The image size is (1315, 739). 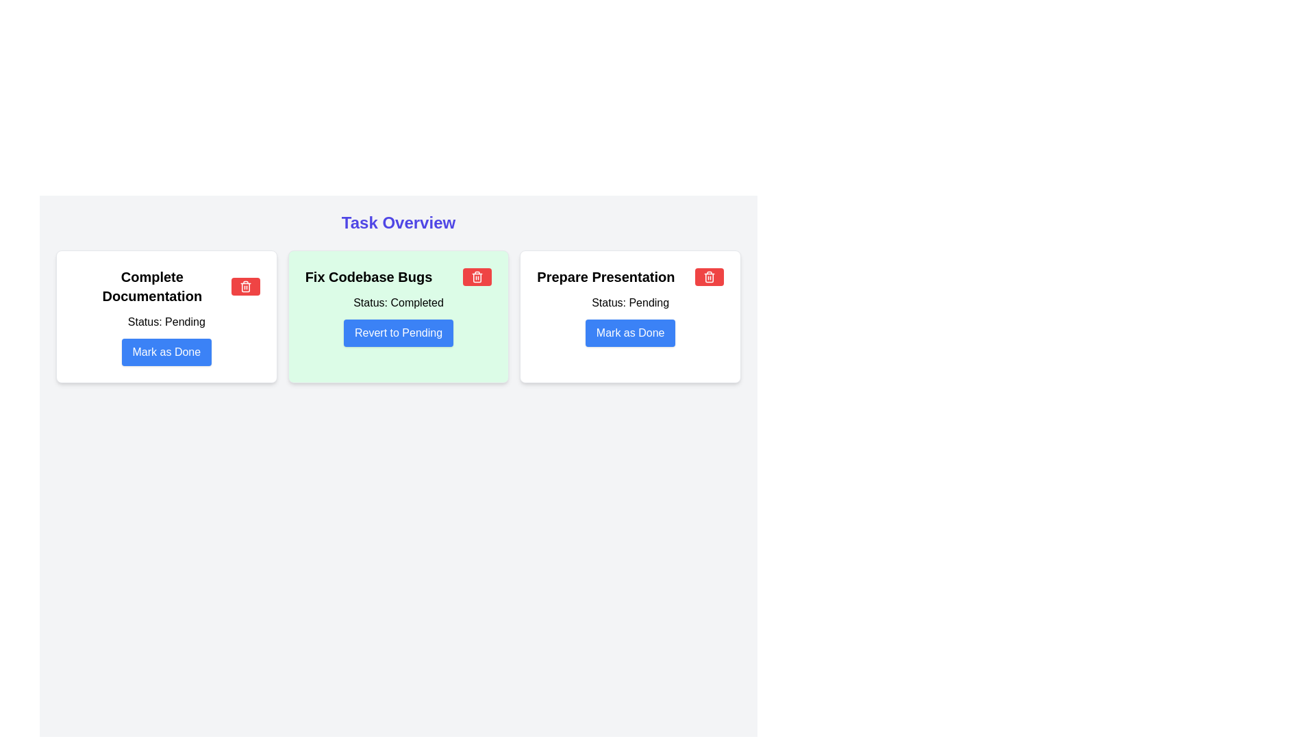 I want to click on the text 'Complete Documentation' by clicking on its center point to enable copying, so click(x=151, y=286).